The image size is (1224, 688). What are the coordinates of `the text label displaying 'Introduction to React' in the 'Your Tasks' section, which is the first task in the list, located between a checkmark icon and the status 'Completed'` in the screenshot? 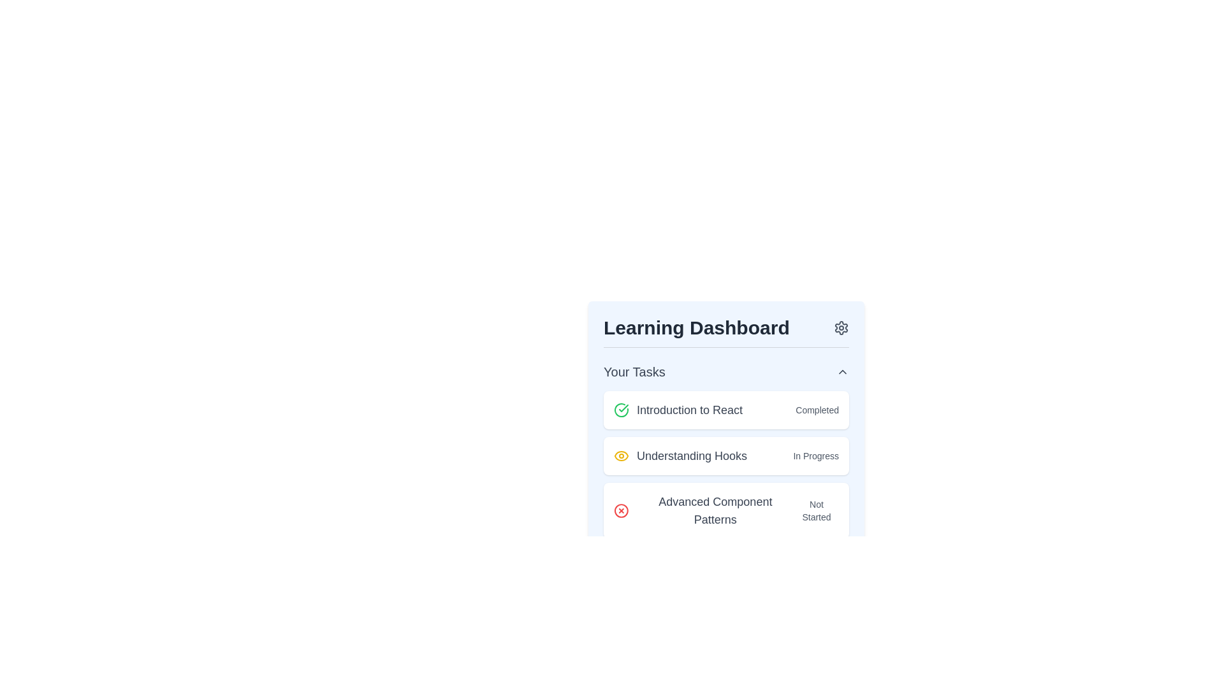 It's located at (689, 410).